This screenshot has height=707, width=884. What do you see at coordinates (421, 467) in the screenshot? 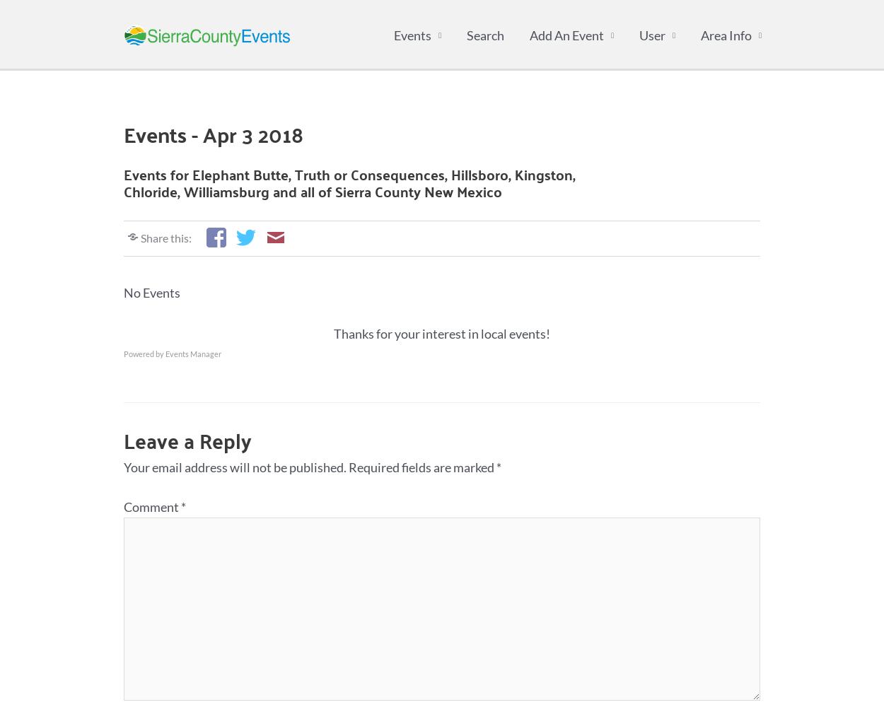
I see `'Required fields are marked'` at bounding box center [421, 467].